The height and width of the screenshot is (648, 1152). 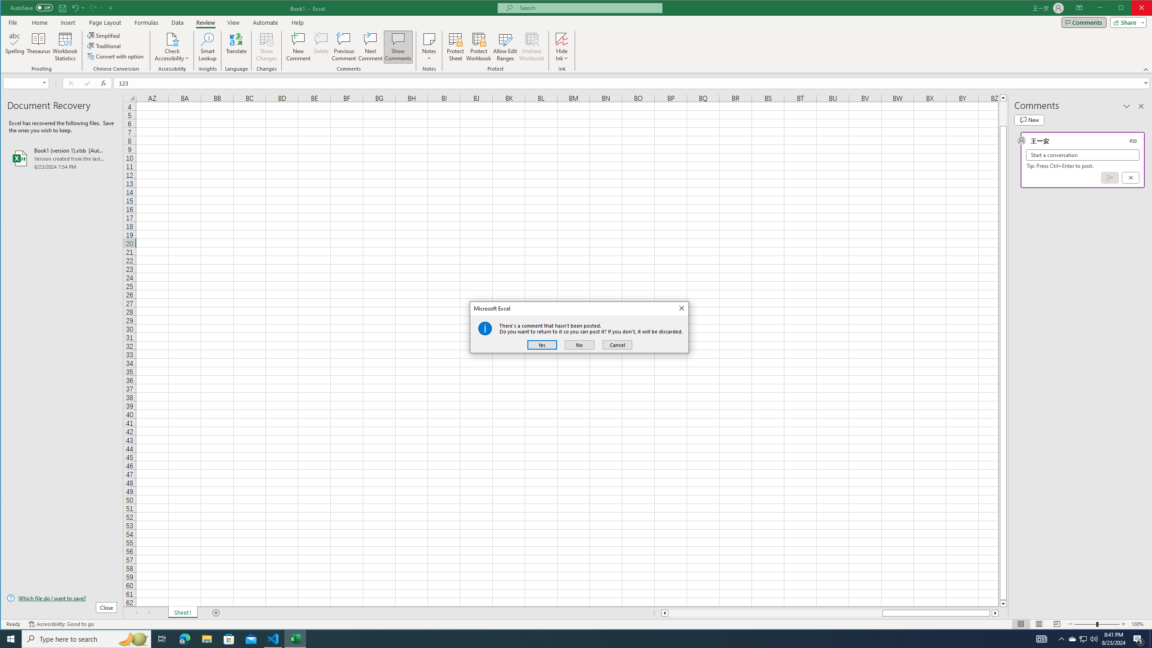 What do you see at coordinates (1003, 112) in the screenshot?
I see `'Page up'` at bounding box center [1003, 112].